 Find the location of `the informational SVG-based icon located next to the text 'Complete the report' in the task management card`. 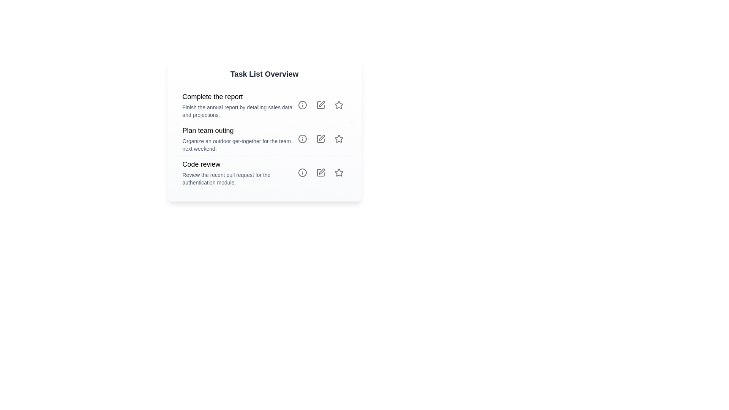

the informational SVG-based icon located next to the text 'Complete the report' in the task management card is located at coordinates (302, 105).